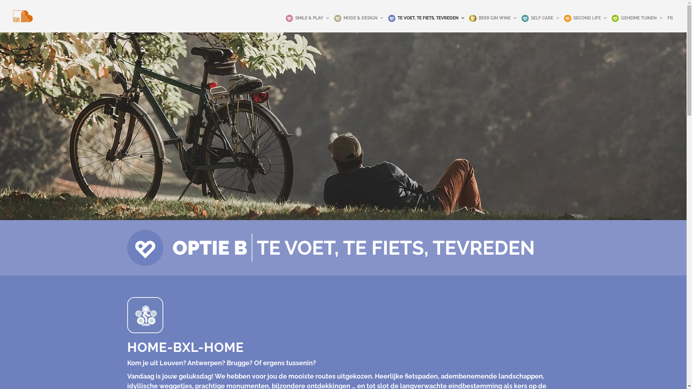  I want to click on 'GEHEIME TUINEN', so click(637, 18).